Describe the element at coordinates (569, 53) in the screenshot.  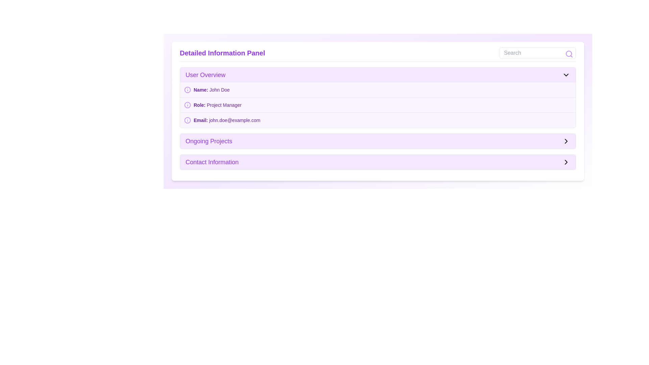
I see `the Search Button Icon located at the top-right corner of the search input field` at that location.